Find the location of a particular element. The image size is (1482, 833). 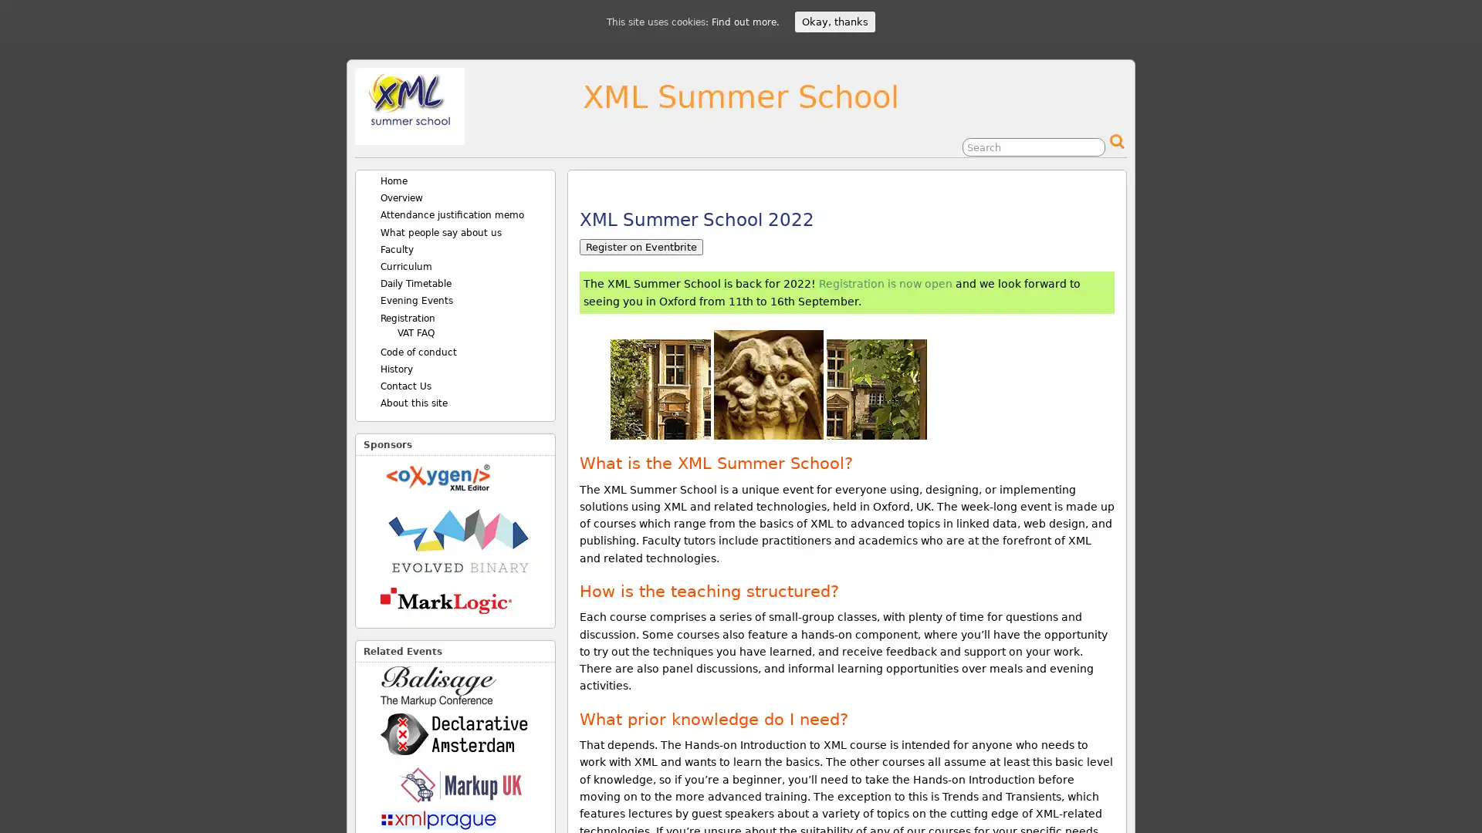

Register on Eventbrite is located at coordinates (641, 246).